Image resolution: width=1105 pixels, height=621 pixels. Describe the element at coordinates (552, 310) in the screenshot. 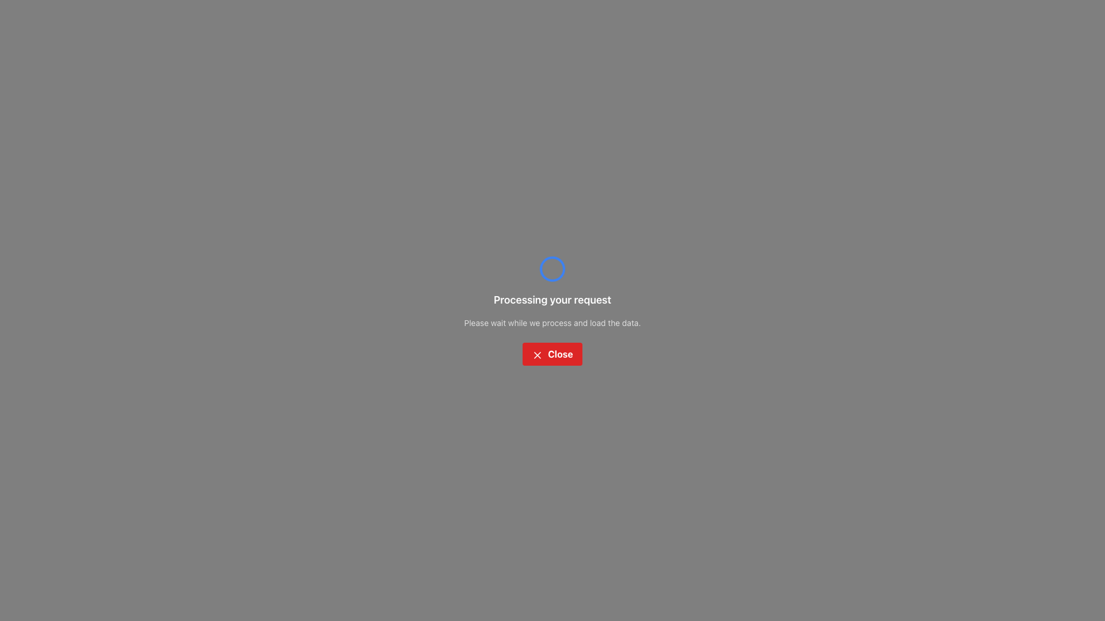

I see `status message displayed in the modal overlay, which shows 'Processing your request'` at that location.